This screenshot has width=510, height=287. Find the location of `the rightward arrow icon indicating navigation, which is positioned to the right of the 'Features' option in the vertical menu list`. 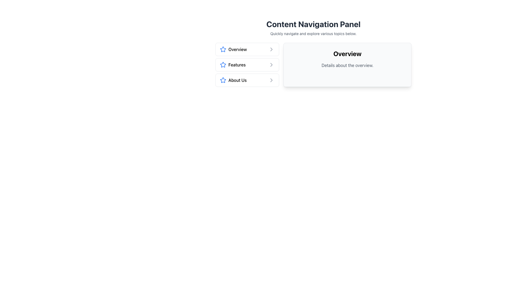

the rightward arrow icon indicating navigation, which is positioned to the right of the 'Features' option in the vertical menu list is located at coordinates (271, 64).